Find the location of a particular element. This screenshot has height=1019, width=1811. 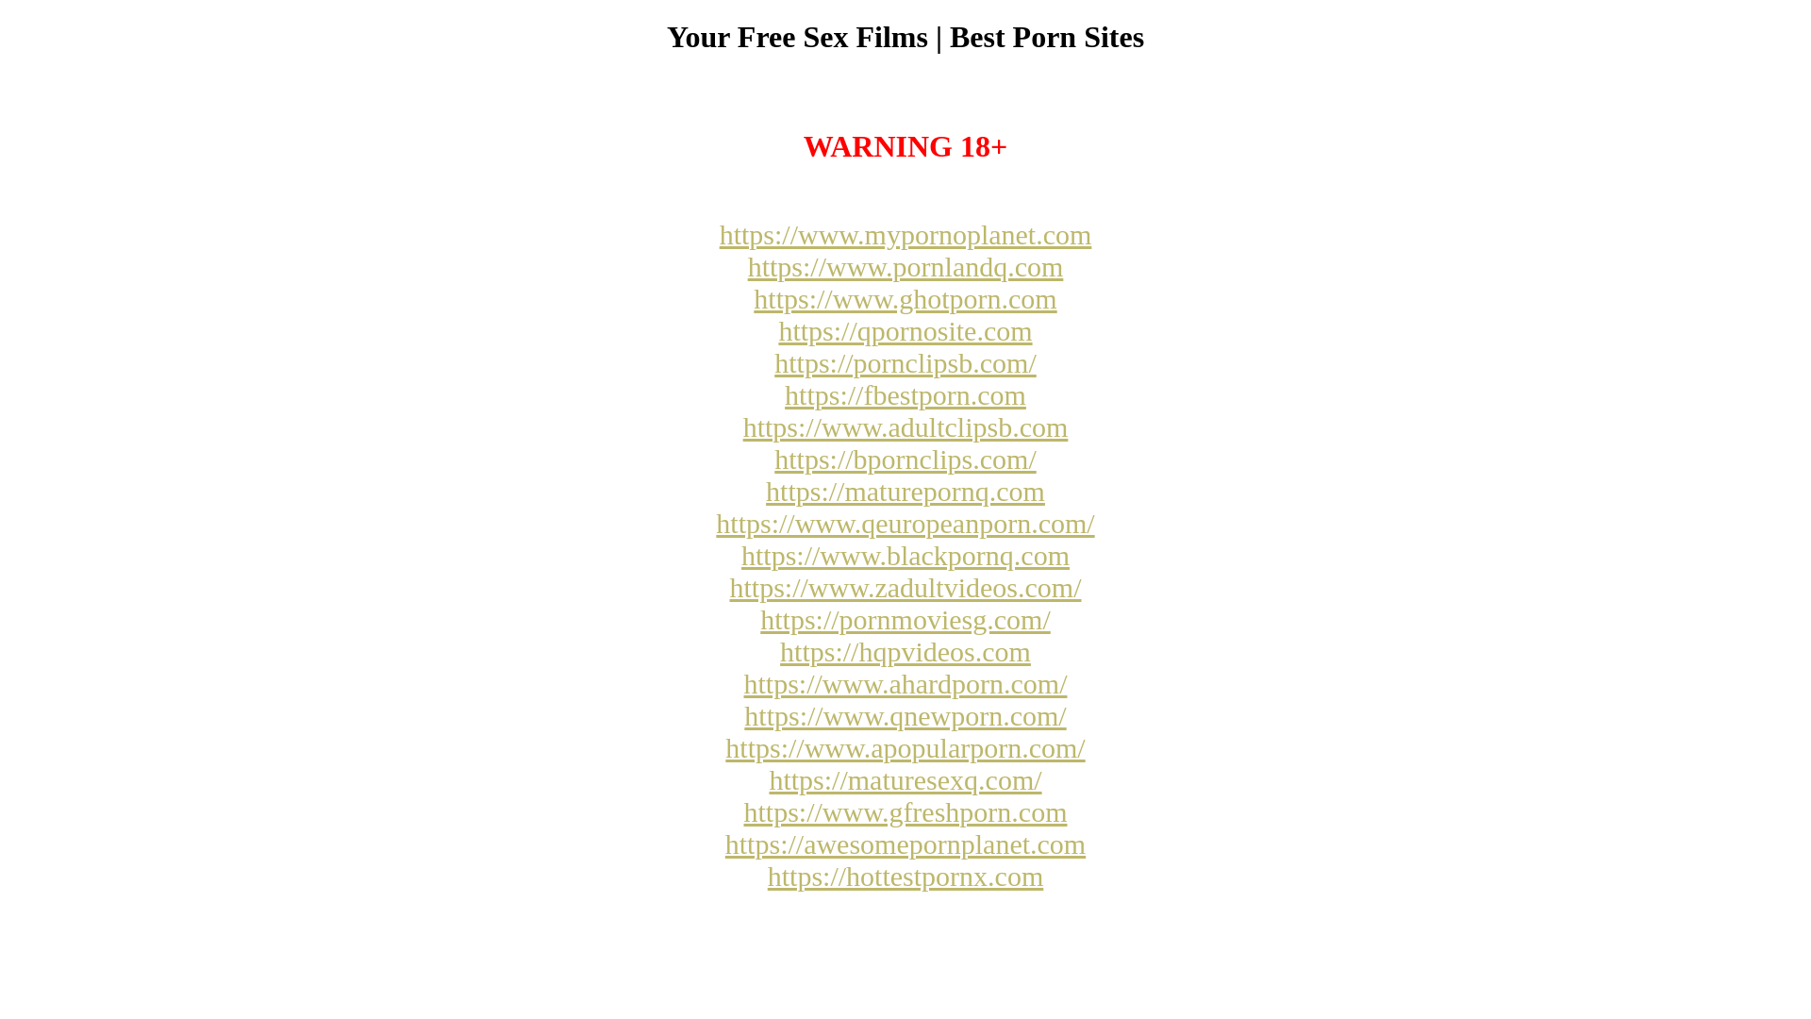

'https://bpornclips.com/' is located at coordinates (905, 459).